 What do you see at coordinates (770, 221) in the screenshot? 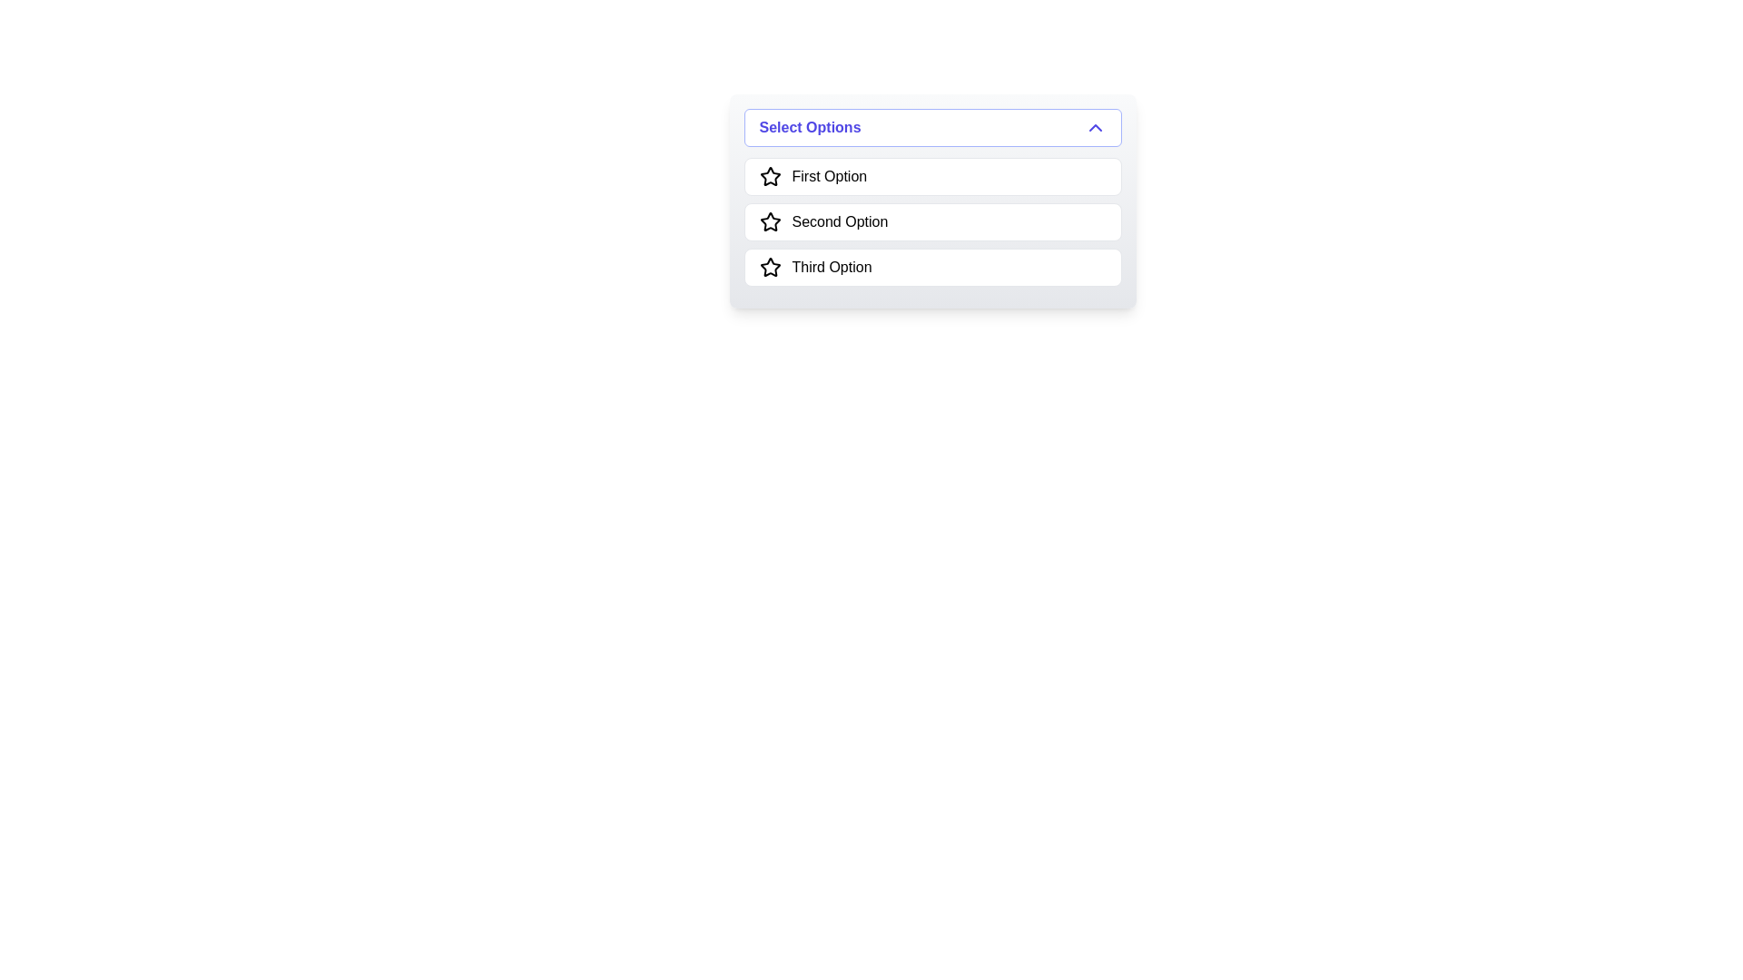
I see `the star-shaped icon with a black outline and hollow center located near the text labeled 'Second Option' in the dropdown list` at bounding box center [770, 221].